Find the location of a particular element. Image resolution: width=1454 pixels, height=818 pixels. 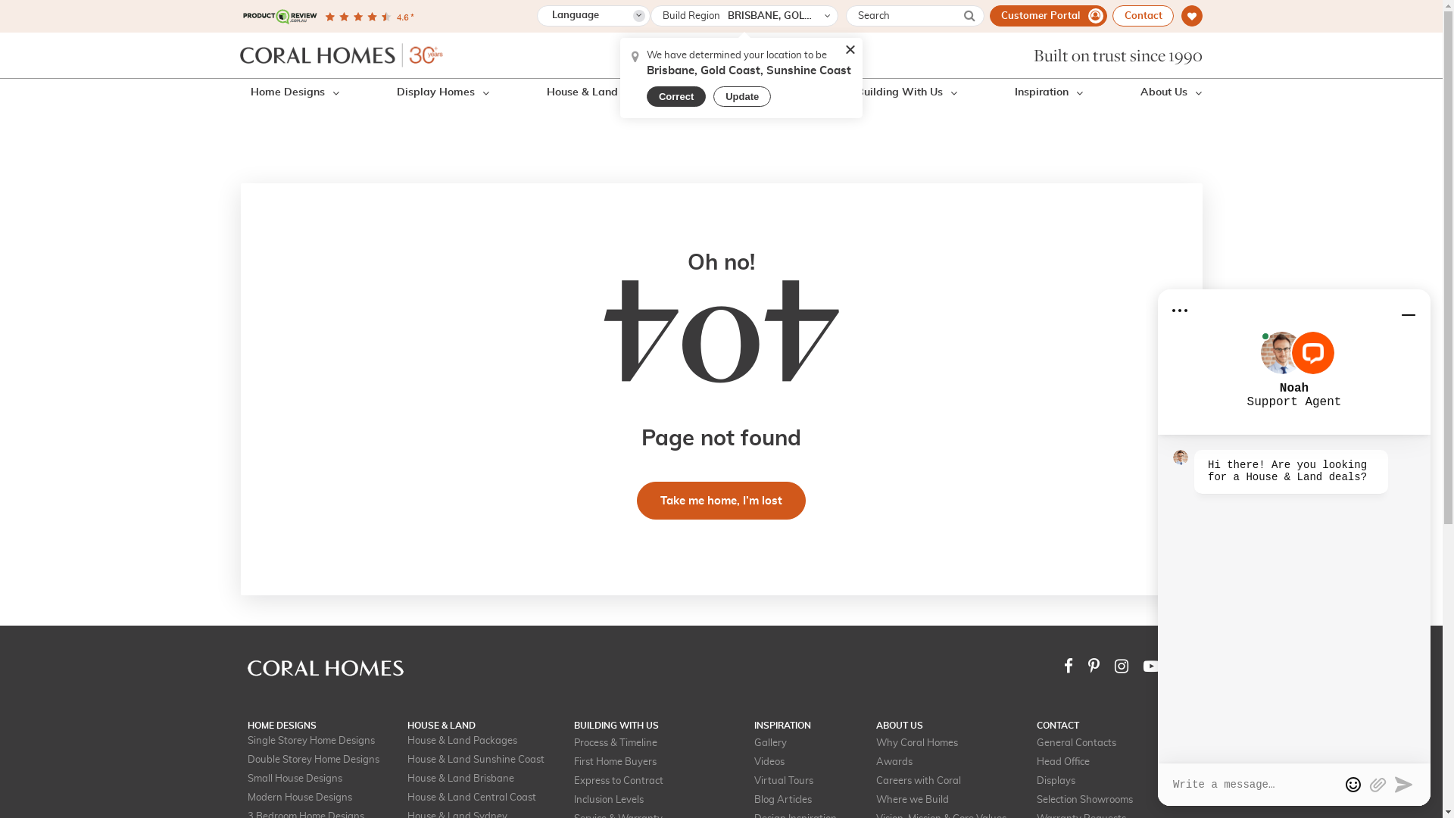

'Careers with Coral' is located at coordinates (918, 781).